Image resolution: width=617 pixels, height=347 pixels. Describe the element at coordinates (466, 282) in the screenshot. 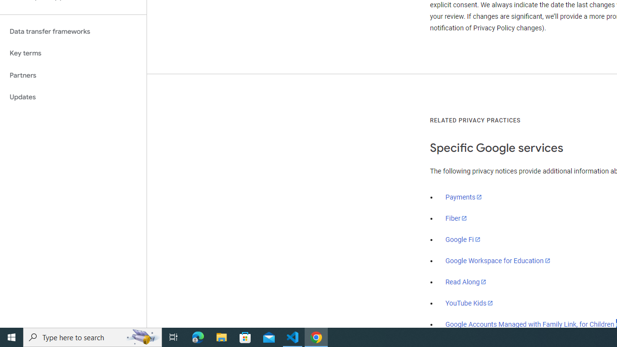

I see `'Read Along'` at that location.